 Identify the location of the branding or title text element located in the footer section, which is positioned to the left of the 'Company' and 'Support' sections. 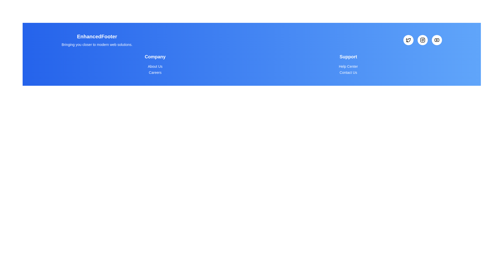
(97, 40).